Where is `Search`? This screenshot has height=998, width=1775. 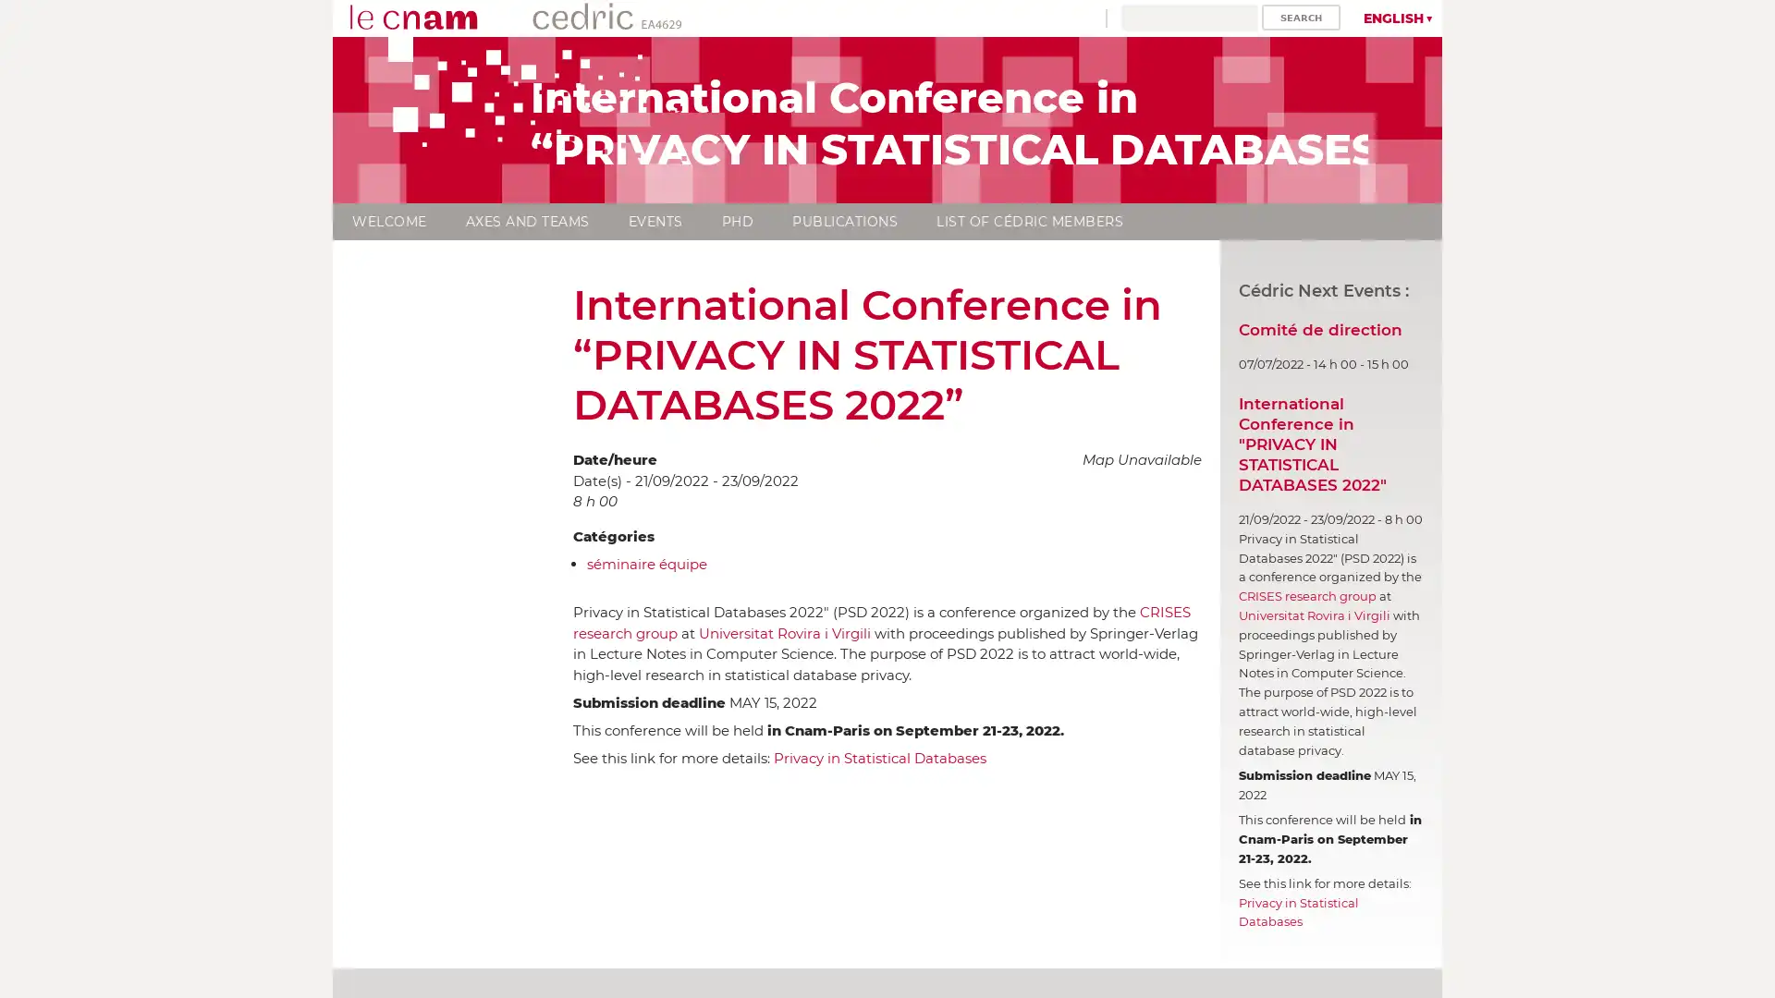 Search is located at coordinates (1300, 18).